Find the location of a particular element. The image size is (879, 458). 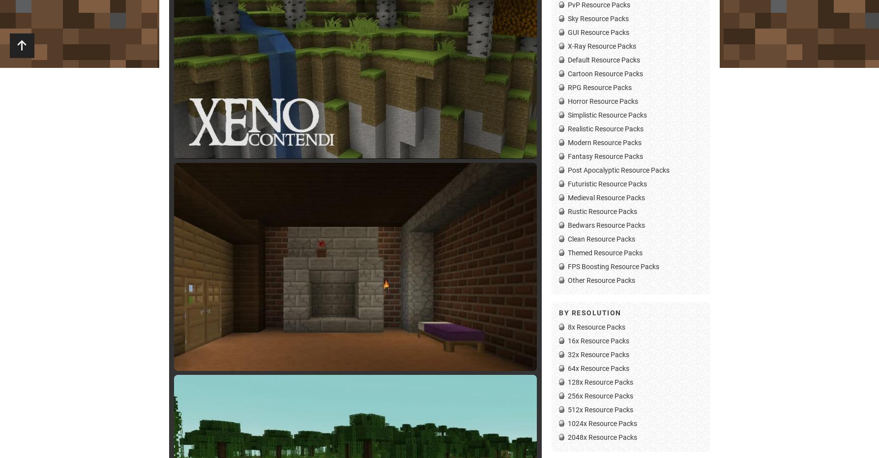

'1024x Resource Packs' is located at coordinates (602, 423).